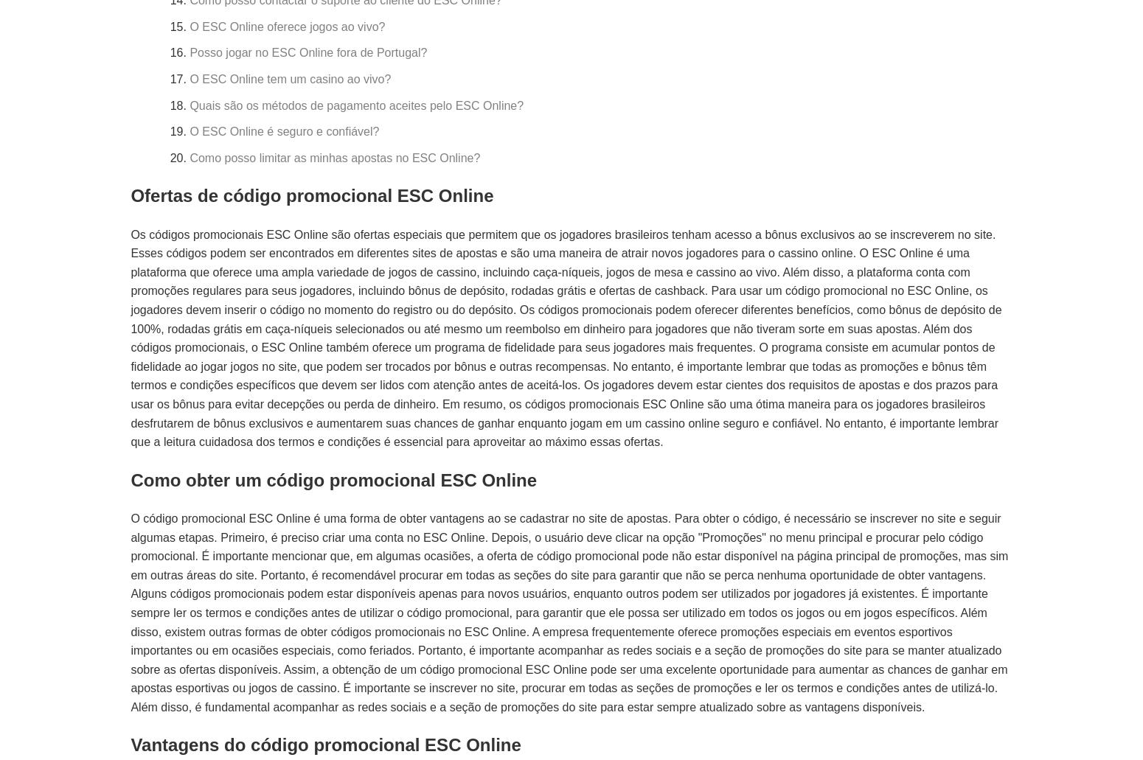 Image resolution: width=1143 pixels, height=760 pixels. What do you see at coordinates (130, 612) in the screenshot?
I see `'O código promocional ESC Online é uma forma de obter vantagens ao se cadastrar no site de apostas. Para obter o código, é necessário se inscrever no site e seguir algumas etapas. Primeiro, é preciso criar uma conta no ESC Online. Depois, o usuário deve clicar na opção "Promoções" no menu principal e procurar pelo código promocional. É importante mencionar que, em algumas ocasiões, a oferta de código promocional pode não estar disponível na página principal de promoções, mas sim em outras áreas do site. Portanto, é recomendável procurar em todas as seções do site para garantir que não se perca nenhuma oportunidade de obter vantagens. 

Alguns códigos promocionais podem estar disponíveis apenas para novos usuários, enquanto outros podem ser utilizados por jogadores já existentes. É importante sempre ler os termos e condições antes de utilizar o código promocional, para garantir que ele possa ser utilizado em todos os jogos ou em jogos específicos. 

Além disso, existem outras formas de obter códigos promocionais no ESC Online. A empresa frequentemente oferece promoções especiais em eventos esportivos importantes ou em ocasiões especiais, como feriados. Portanto, é importante acompanhar as redes sociais e a seção de promoções do site para se manter atualizado sobre as ofertas disponíveis. 

Assim, a obtenção de um código promocional ESC Online pode ser uma excelente oportunidade para aumentar as chances de ganhar em apostas esportivas ou jogos de cassino. É importante se inscrever no site, procurar em todas as seções de promoções e ler os termos e condições antes de utilizá-lo. Além disso, é fundamental acompanhar as redes sociais e a seção de promoções do site para estar sempre atualizado sobre as vantagens disponíveis.'` at bounding box center [130, 612].